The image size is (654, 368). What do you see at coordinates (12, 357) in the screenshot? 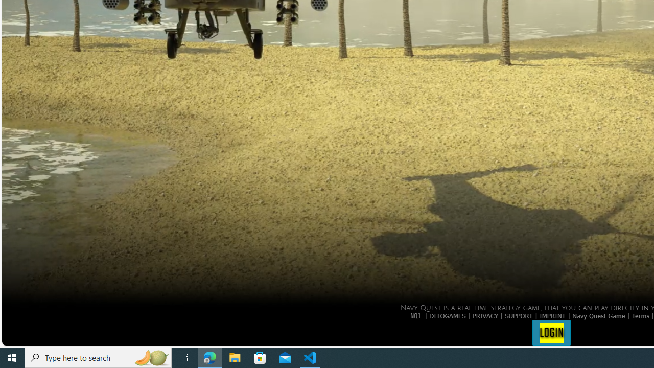
I see `'Start'` at bounding box center [12, 357].